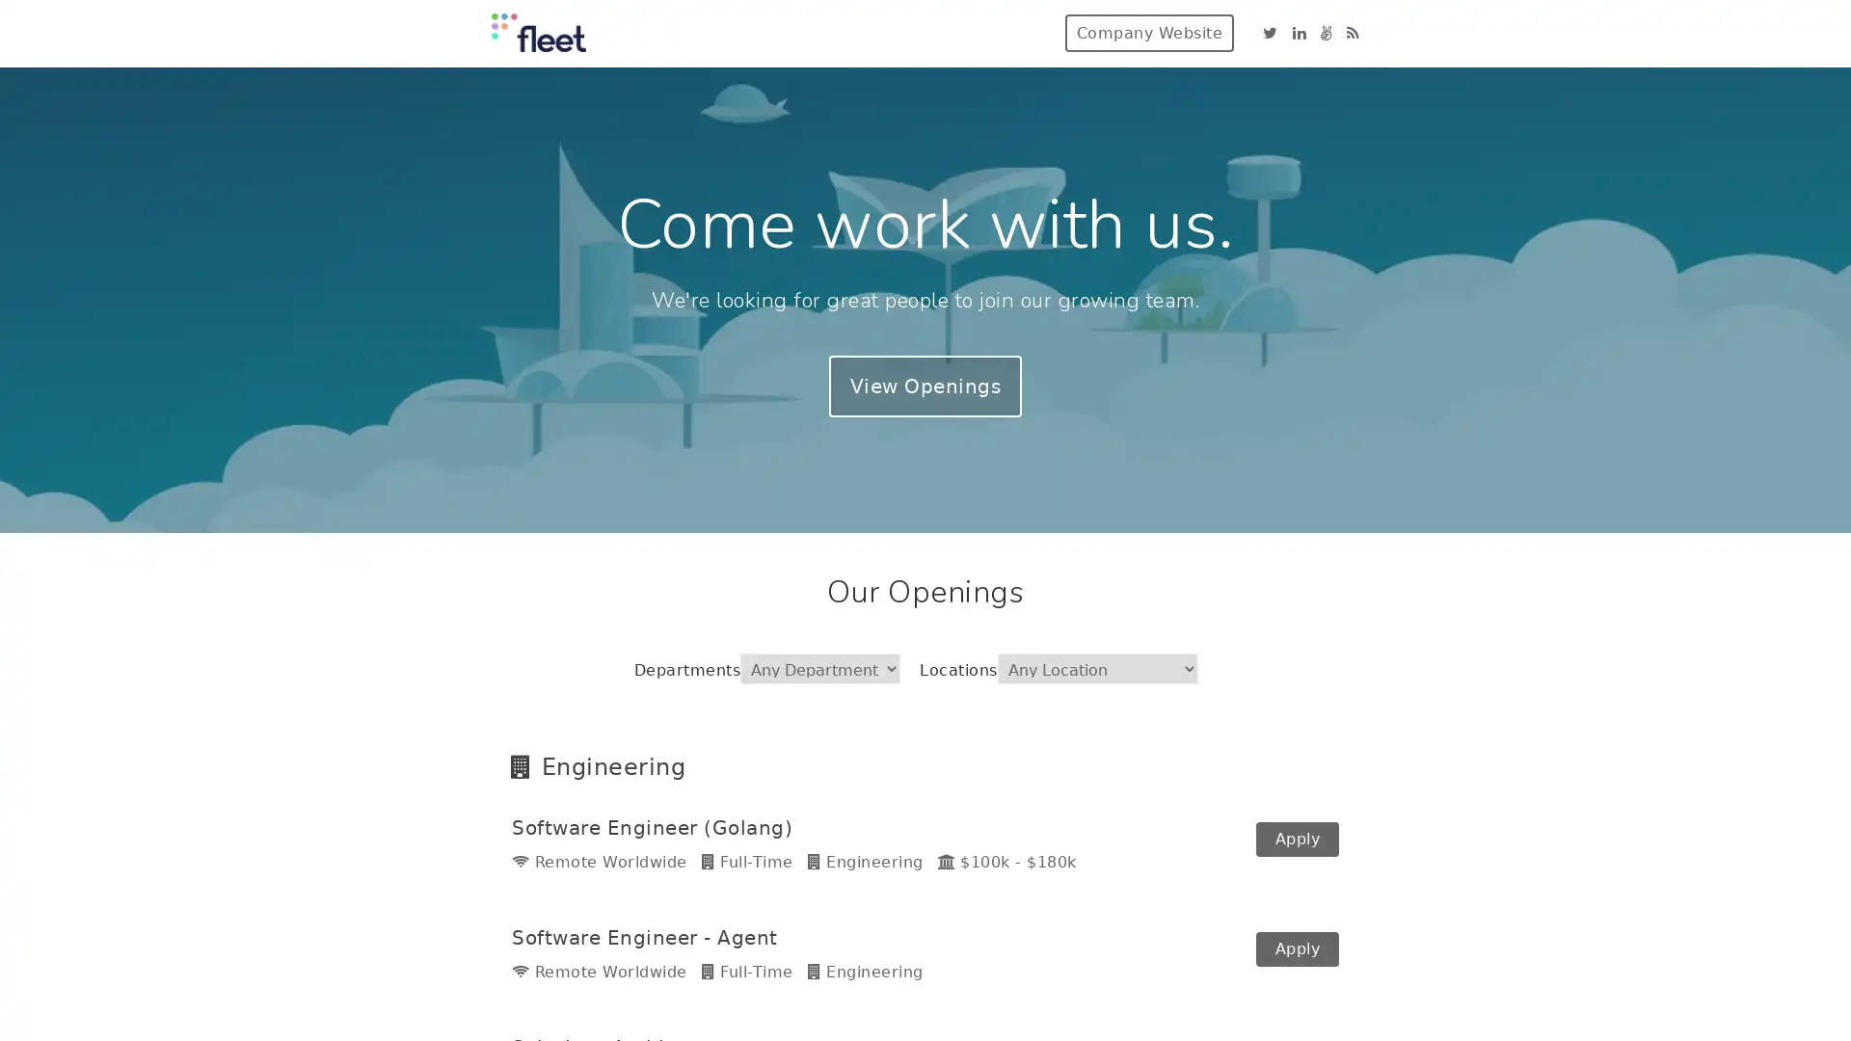 The width and height of the screenshot is (1851, 1041). Describe the element at coordinates (1297, 966) in the screenshot. I see `Apply` at that location.